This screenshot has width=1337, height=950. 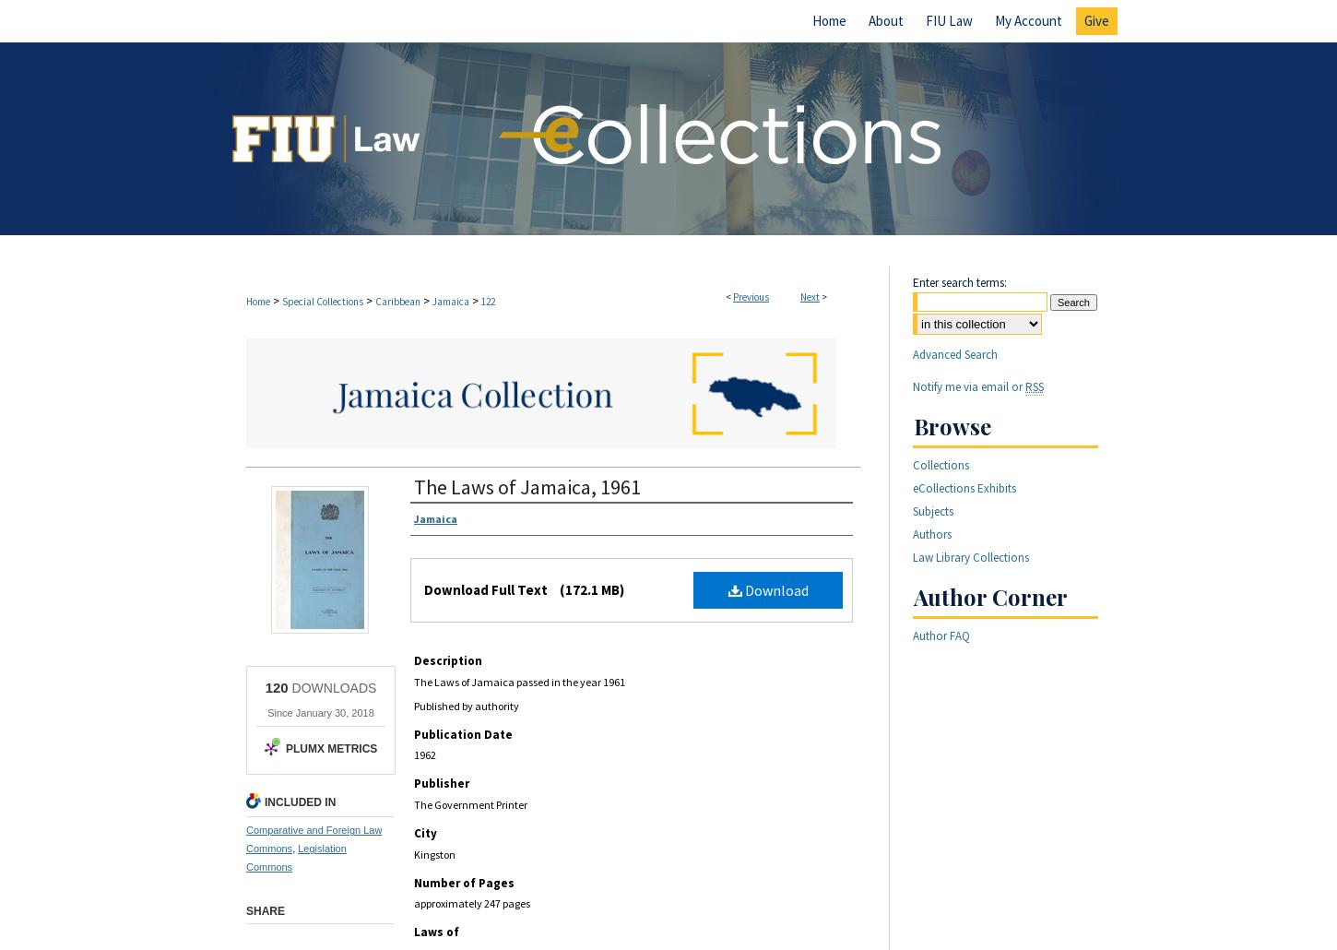 What do you see at coordinates (450, 301) in the screenshot?
I see `'Jamaica'` at bounding box center [450, 301].